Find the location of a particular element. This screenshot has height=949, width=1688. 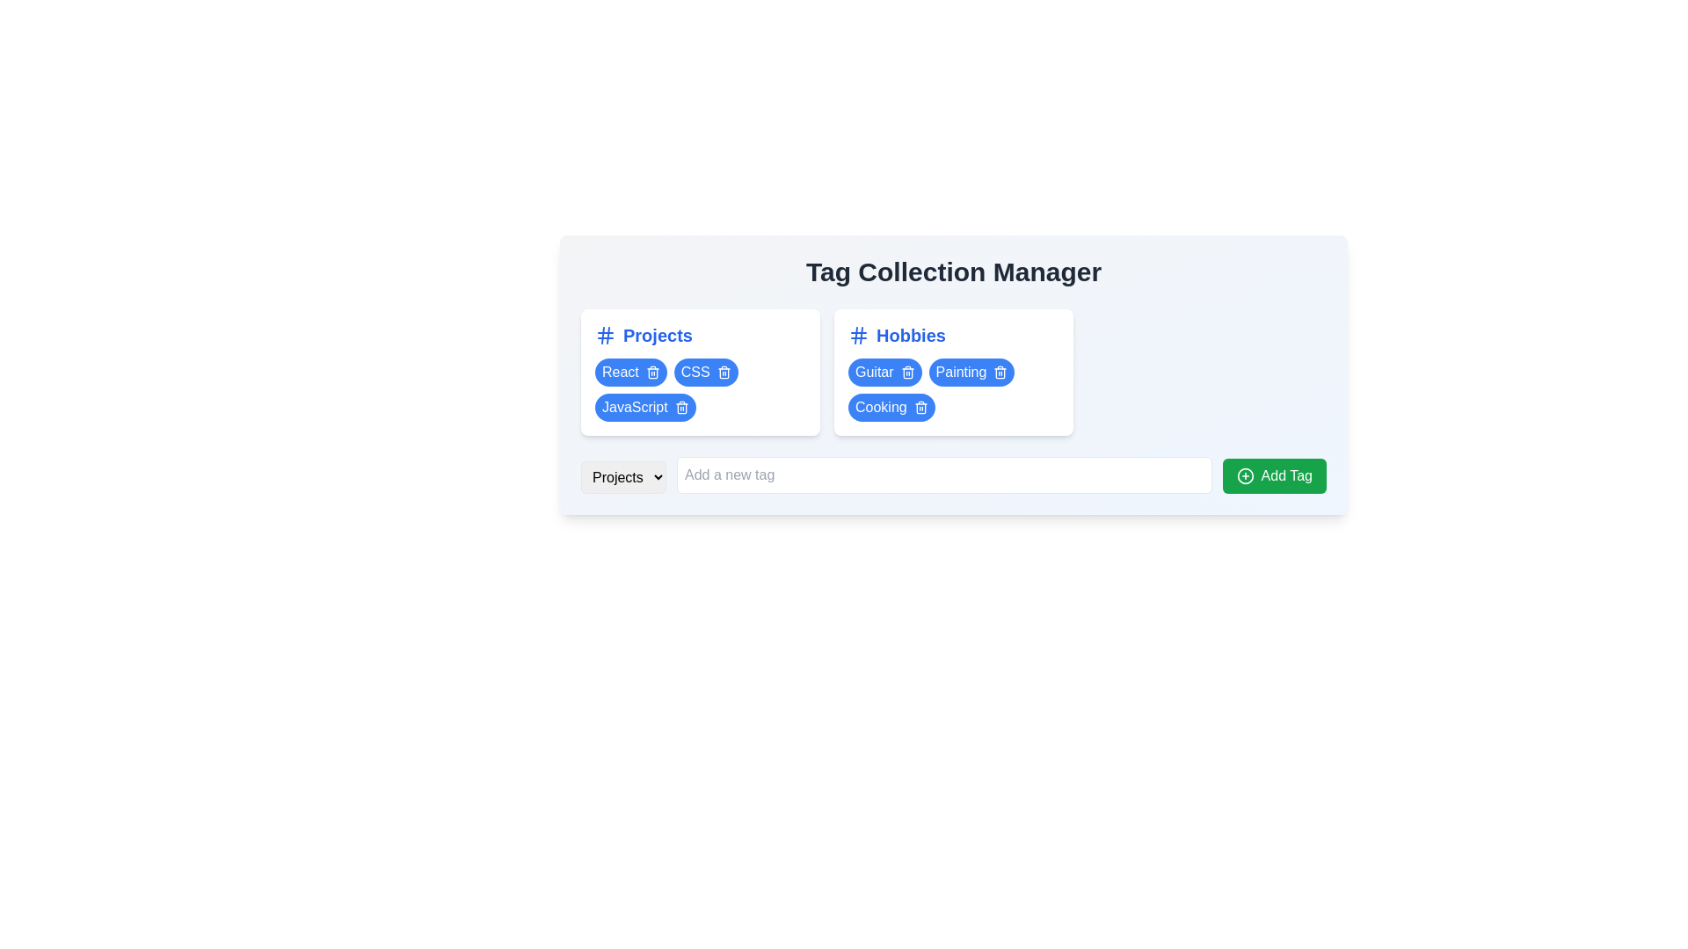

the trash can icon on the 'CSS' tag is located at coordinates (706, 372).